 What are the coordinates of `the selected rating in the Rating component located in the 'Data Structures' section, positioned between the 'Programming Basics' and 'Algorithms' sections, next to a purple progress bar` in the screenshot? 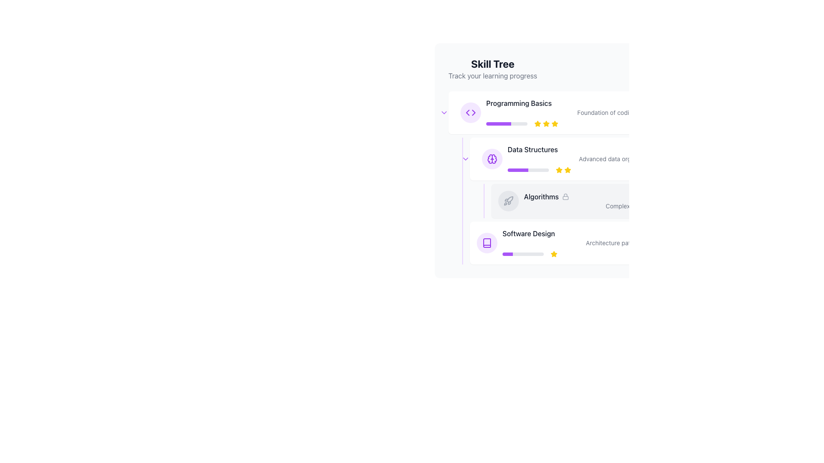 It's located at (563, 170).